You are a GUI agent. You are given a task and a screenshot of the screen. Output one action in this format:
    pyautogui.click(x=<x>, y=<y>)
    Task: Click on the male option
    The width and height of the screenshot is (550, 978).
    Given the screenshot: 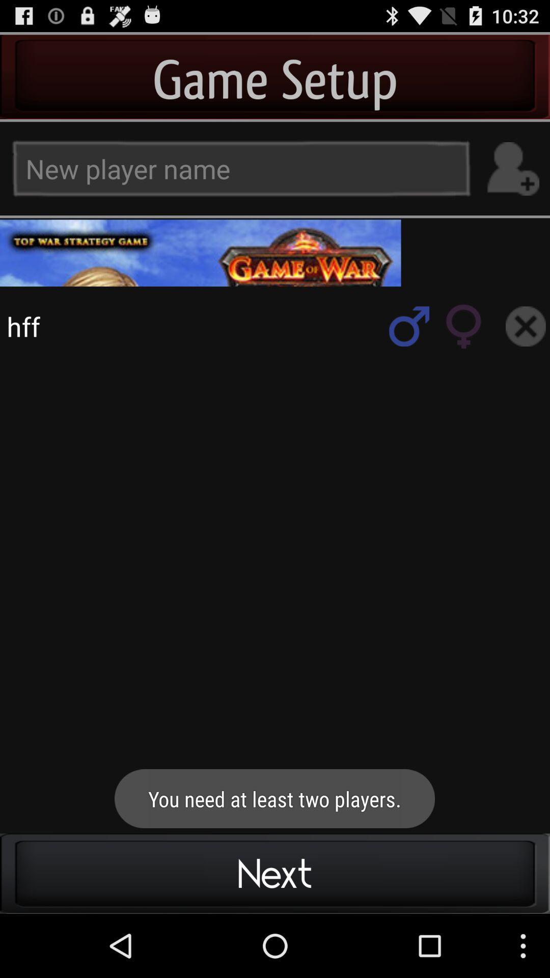 What is the action you would take?
    pyautogui.click(x=408, y=326)
    